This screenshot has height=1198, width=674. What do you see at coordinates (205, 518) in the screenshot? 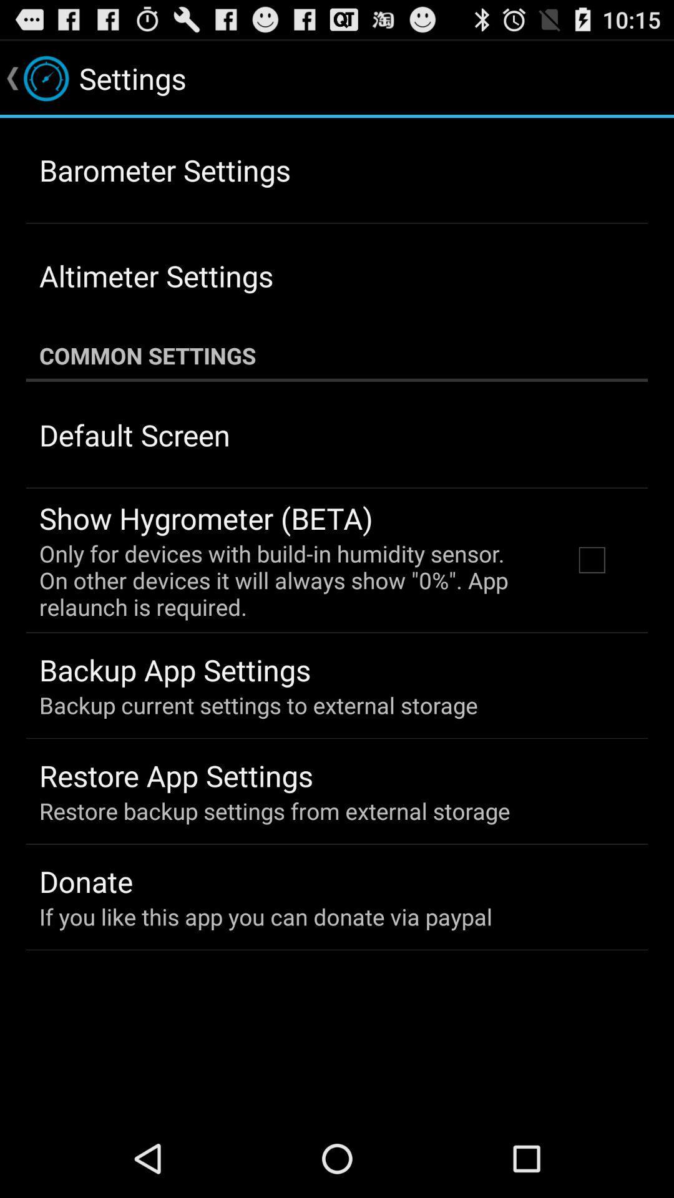
I see `the show hygrometer (beta) app` at bounding box center [205, 518].